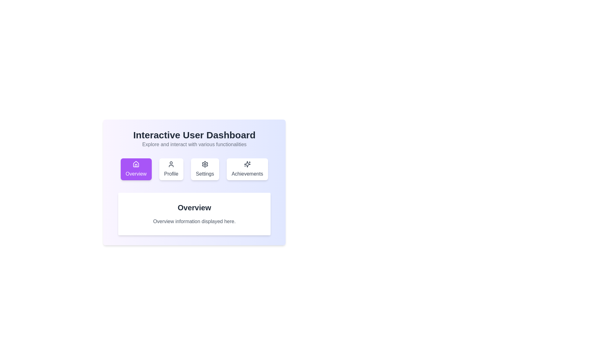  I want to click on the text label that serves as a description for the settings option, located below the gear icon and alongside labels like 'Overview' and 'Profile', so click(205, 174).